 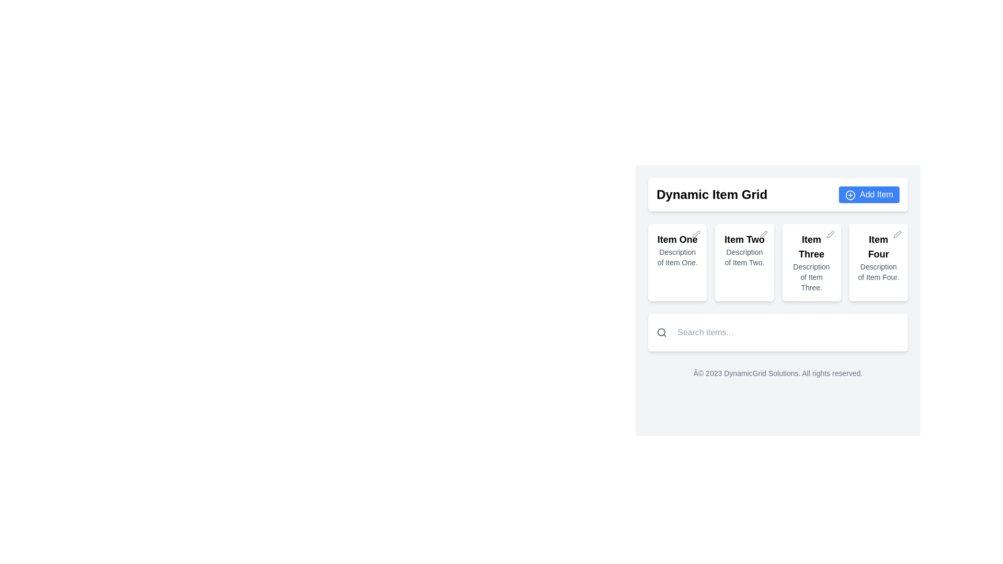 I want to click on the pen icon located in the top-right corner of the 'Item Four' card, so click(x=897, y=233).